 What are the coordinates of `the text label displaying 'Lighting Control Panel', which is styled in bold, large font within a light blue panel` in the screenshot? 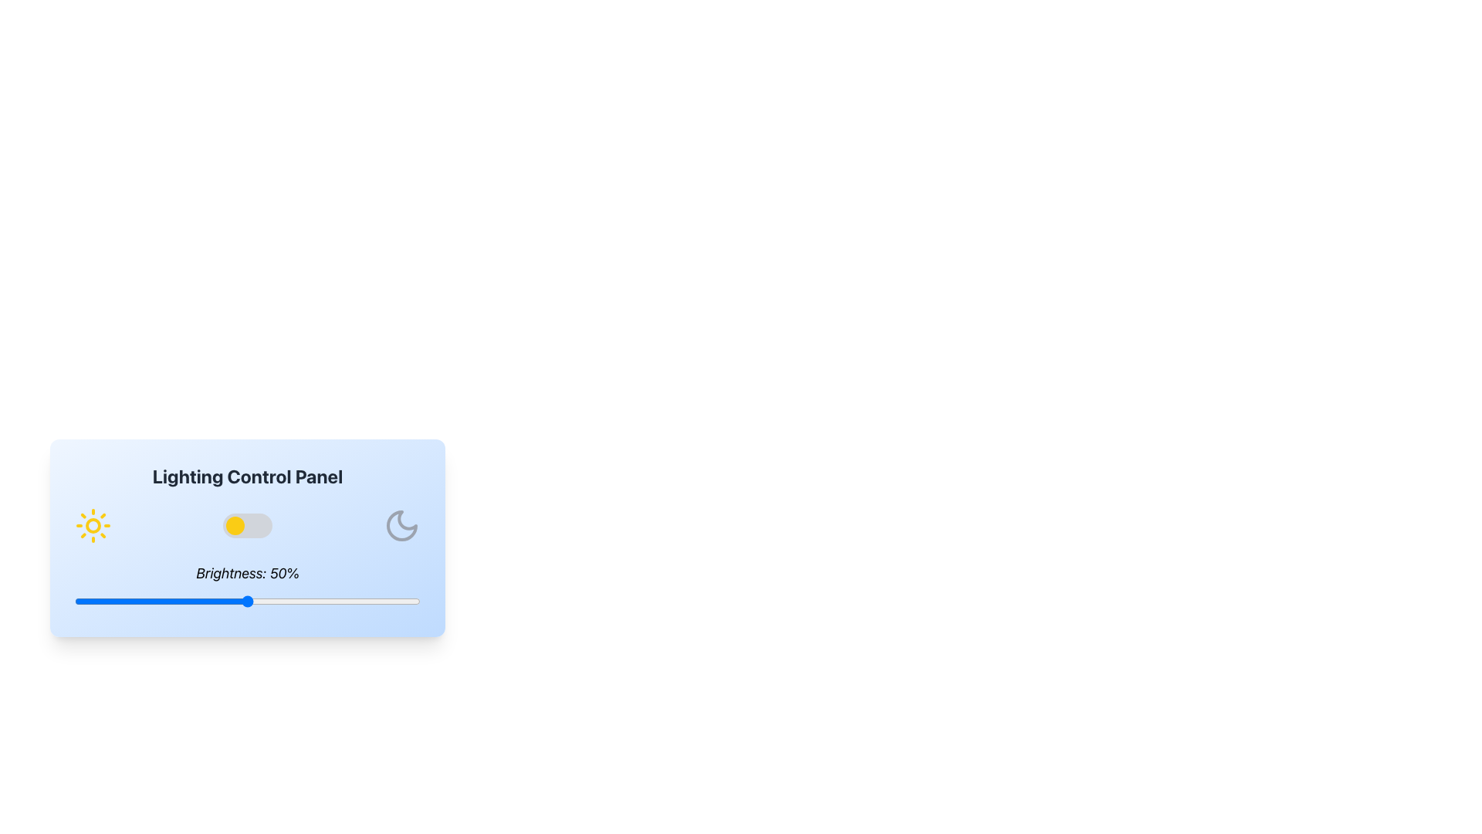 It's located at (248, 476).